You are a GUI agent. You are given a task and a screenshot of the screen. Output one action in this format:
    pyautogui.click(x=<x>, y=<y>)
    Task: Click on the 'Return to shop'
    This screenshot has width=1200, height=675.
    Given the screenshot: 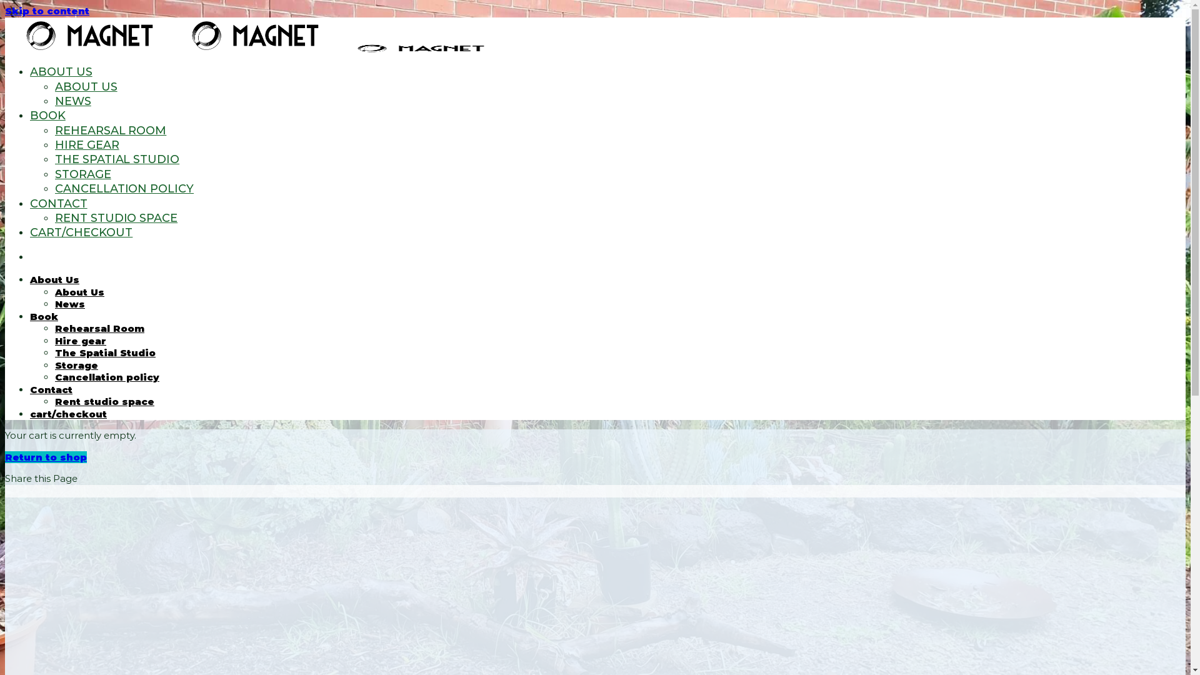 What is the action you would take?
    pyautogui.click(x=5, y=457)
    